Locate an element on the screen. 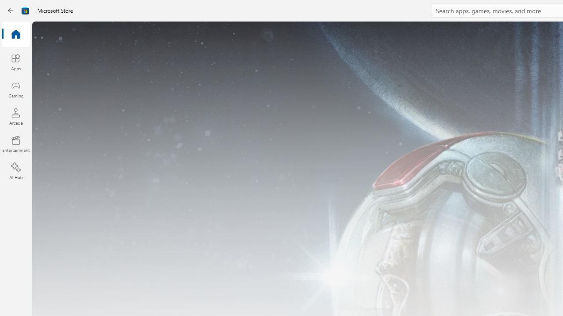 The image size is (563, 316). 'Home' is located at coordinates (15, 34).